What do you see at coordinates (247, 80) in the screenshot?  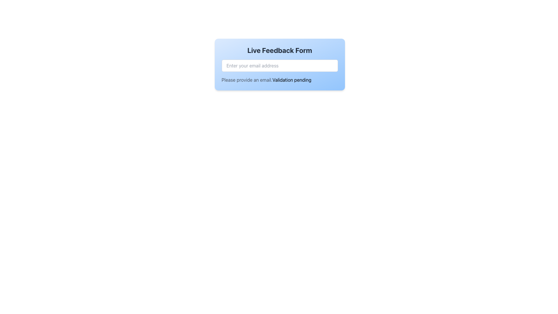 I see `the text element displaying 'Please provide an email.' in gray, which is part of the feedback form interface` at bounding box center [247, 80].